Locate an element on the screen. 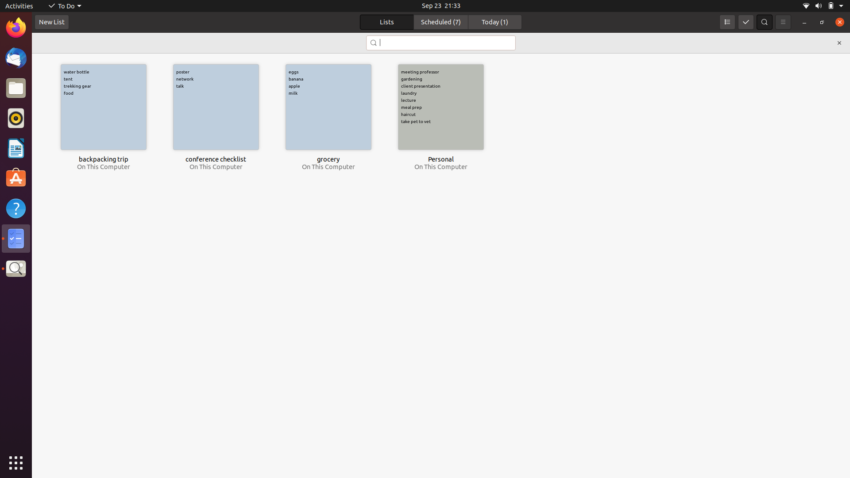 Image resolution: width=850 pixels, height=478 pixels. Start the operation of fabricating a new list is located at coordinates (51, 22).